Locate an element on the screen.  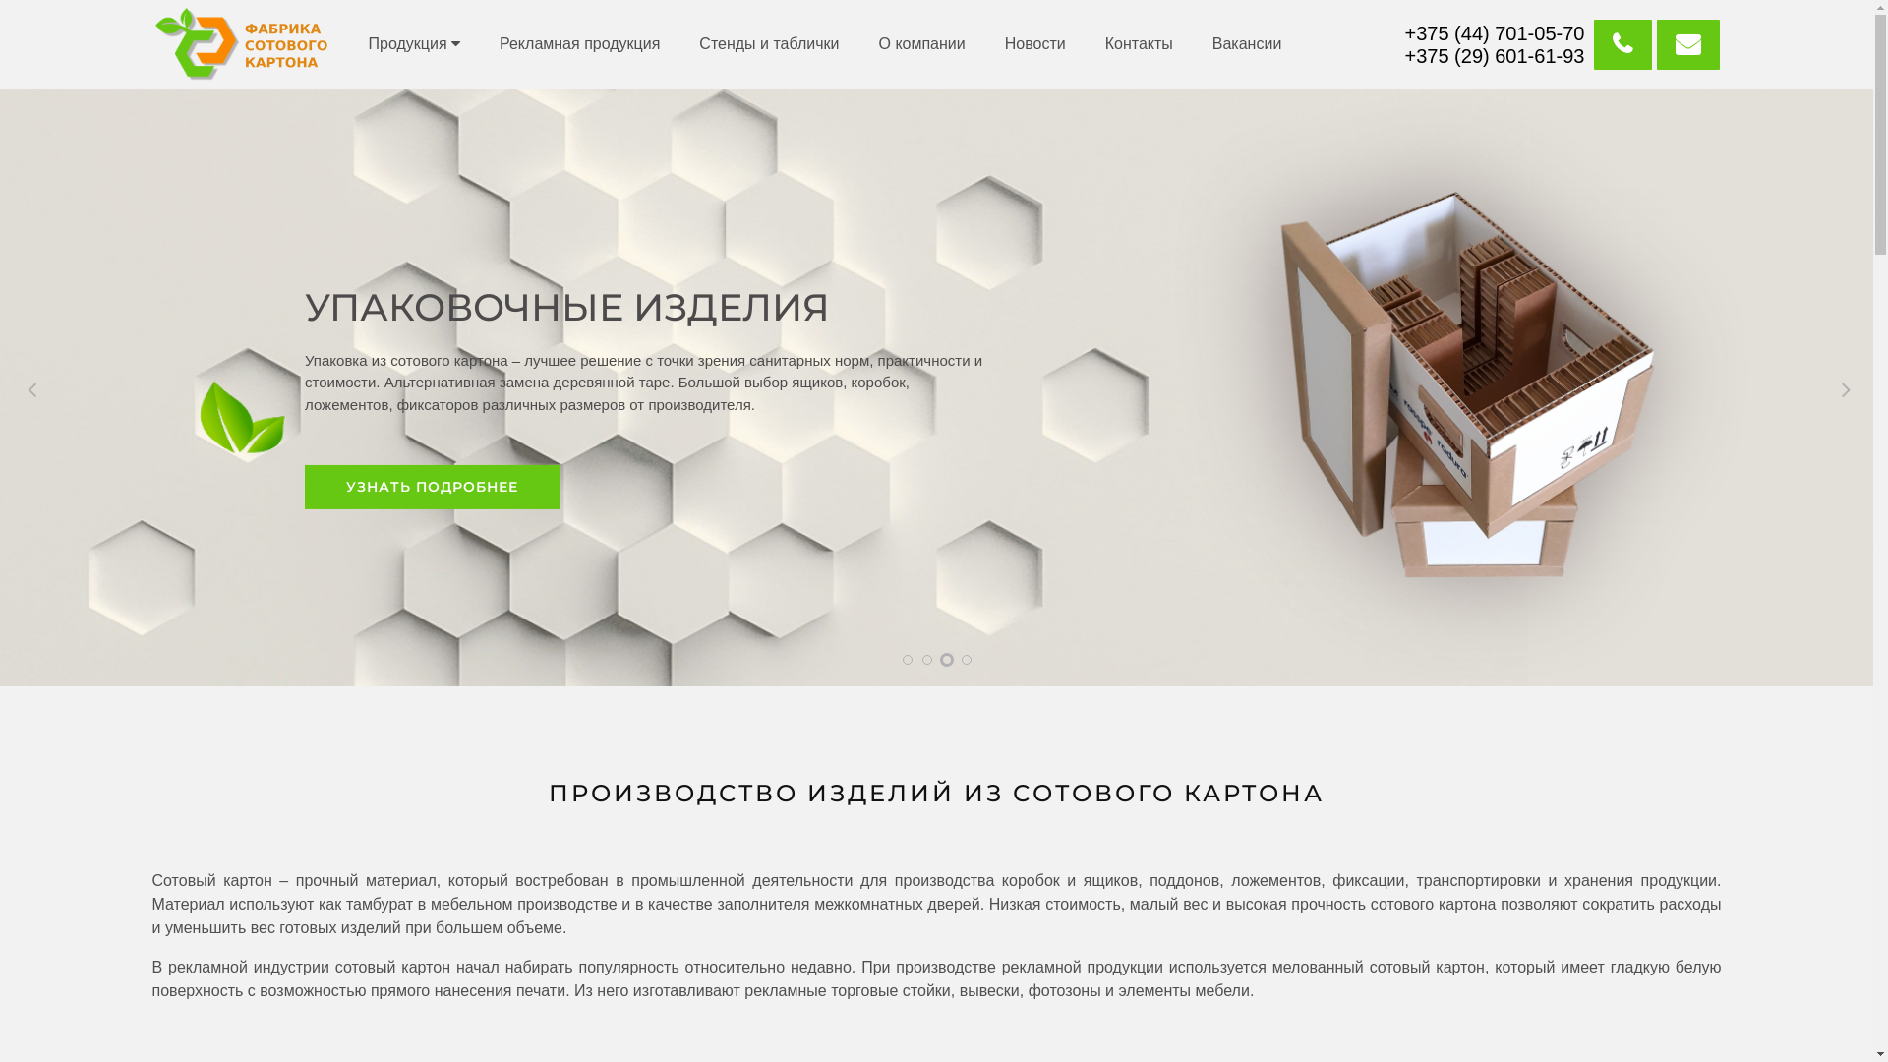
'1' is located at coordinates (906, 660).